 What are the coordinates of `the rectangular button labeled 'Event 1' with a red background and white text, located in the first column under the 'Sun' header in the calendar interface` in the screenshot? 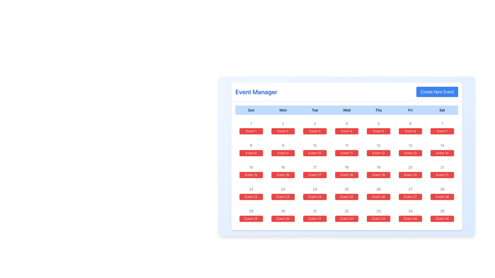 It's located at (251, 131).